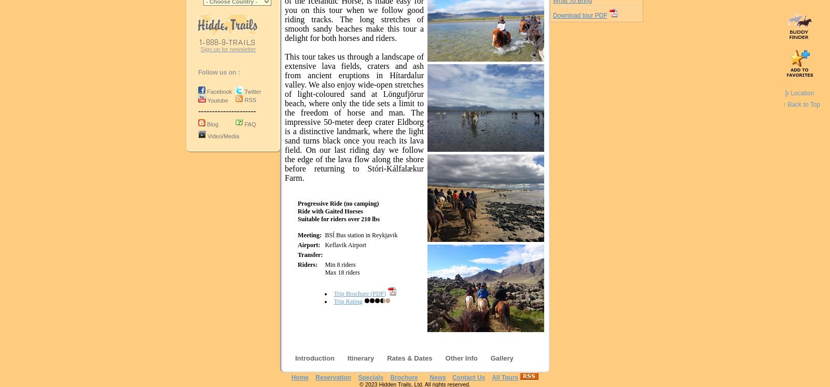  What do you see at coordinates (217, 100) in the screenshot?
I see `'Youtube'` at bounding box center [217, 100].